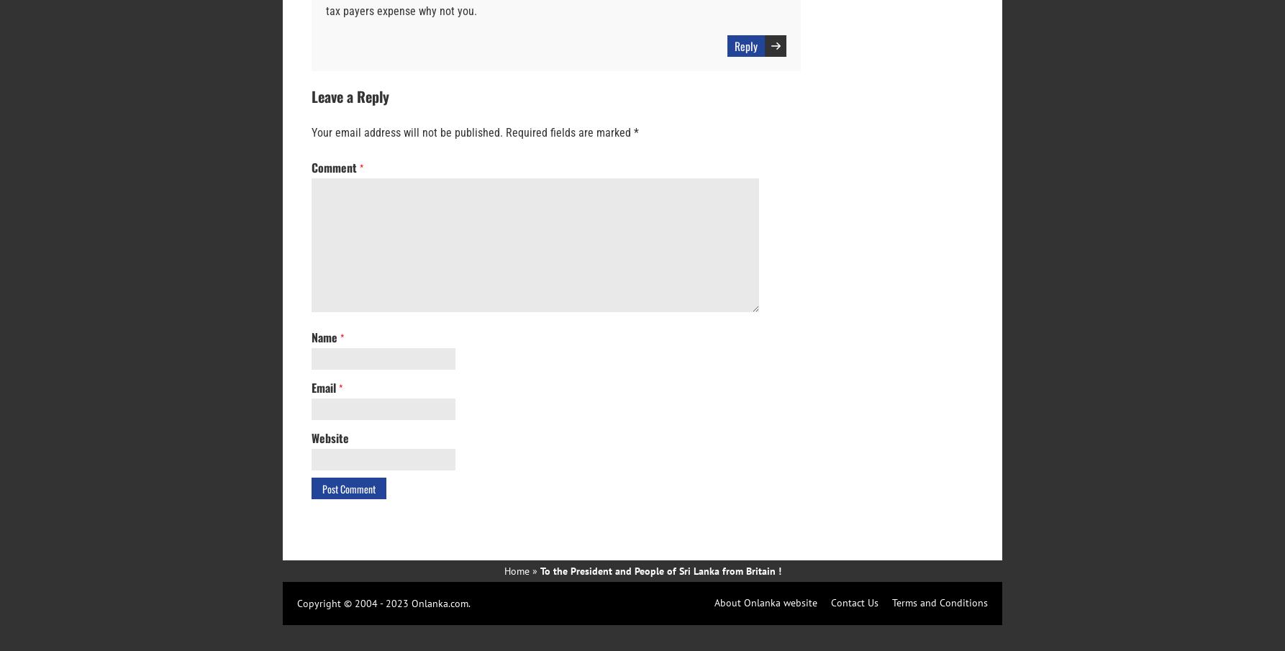  I want to click on 'Leave a Reply', so click(350, 96).